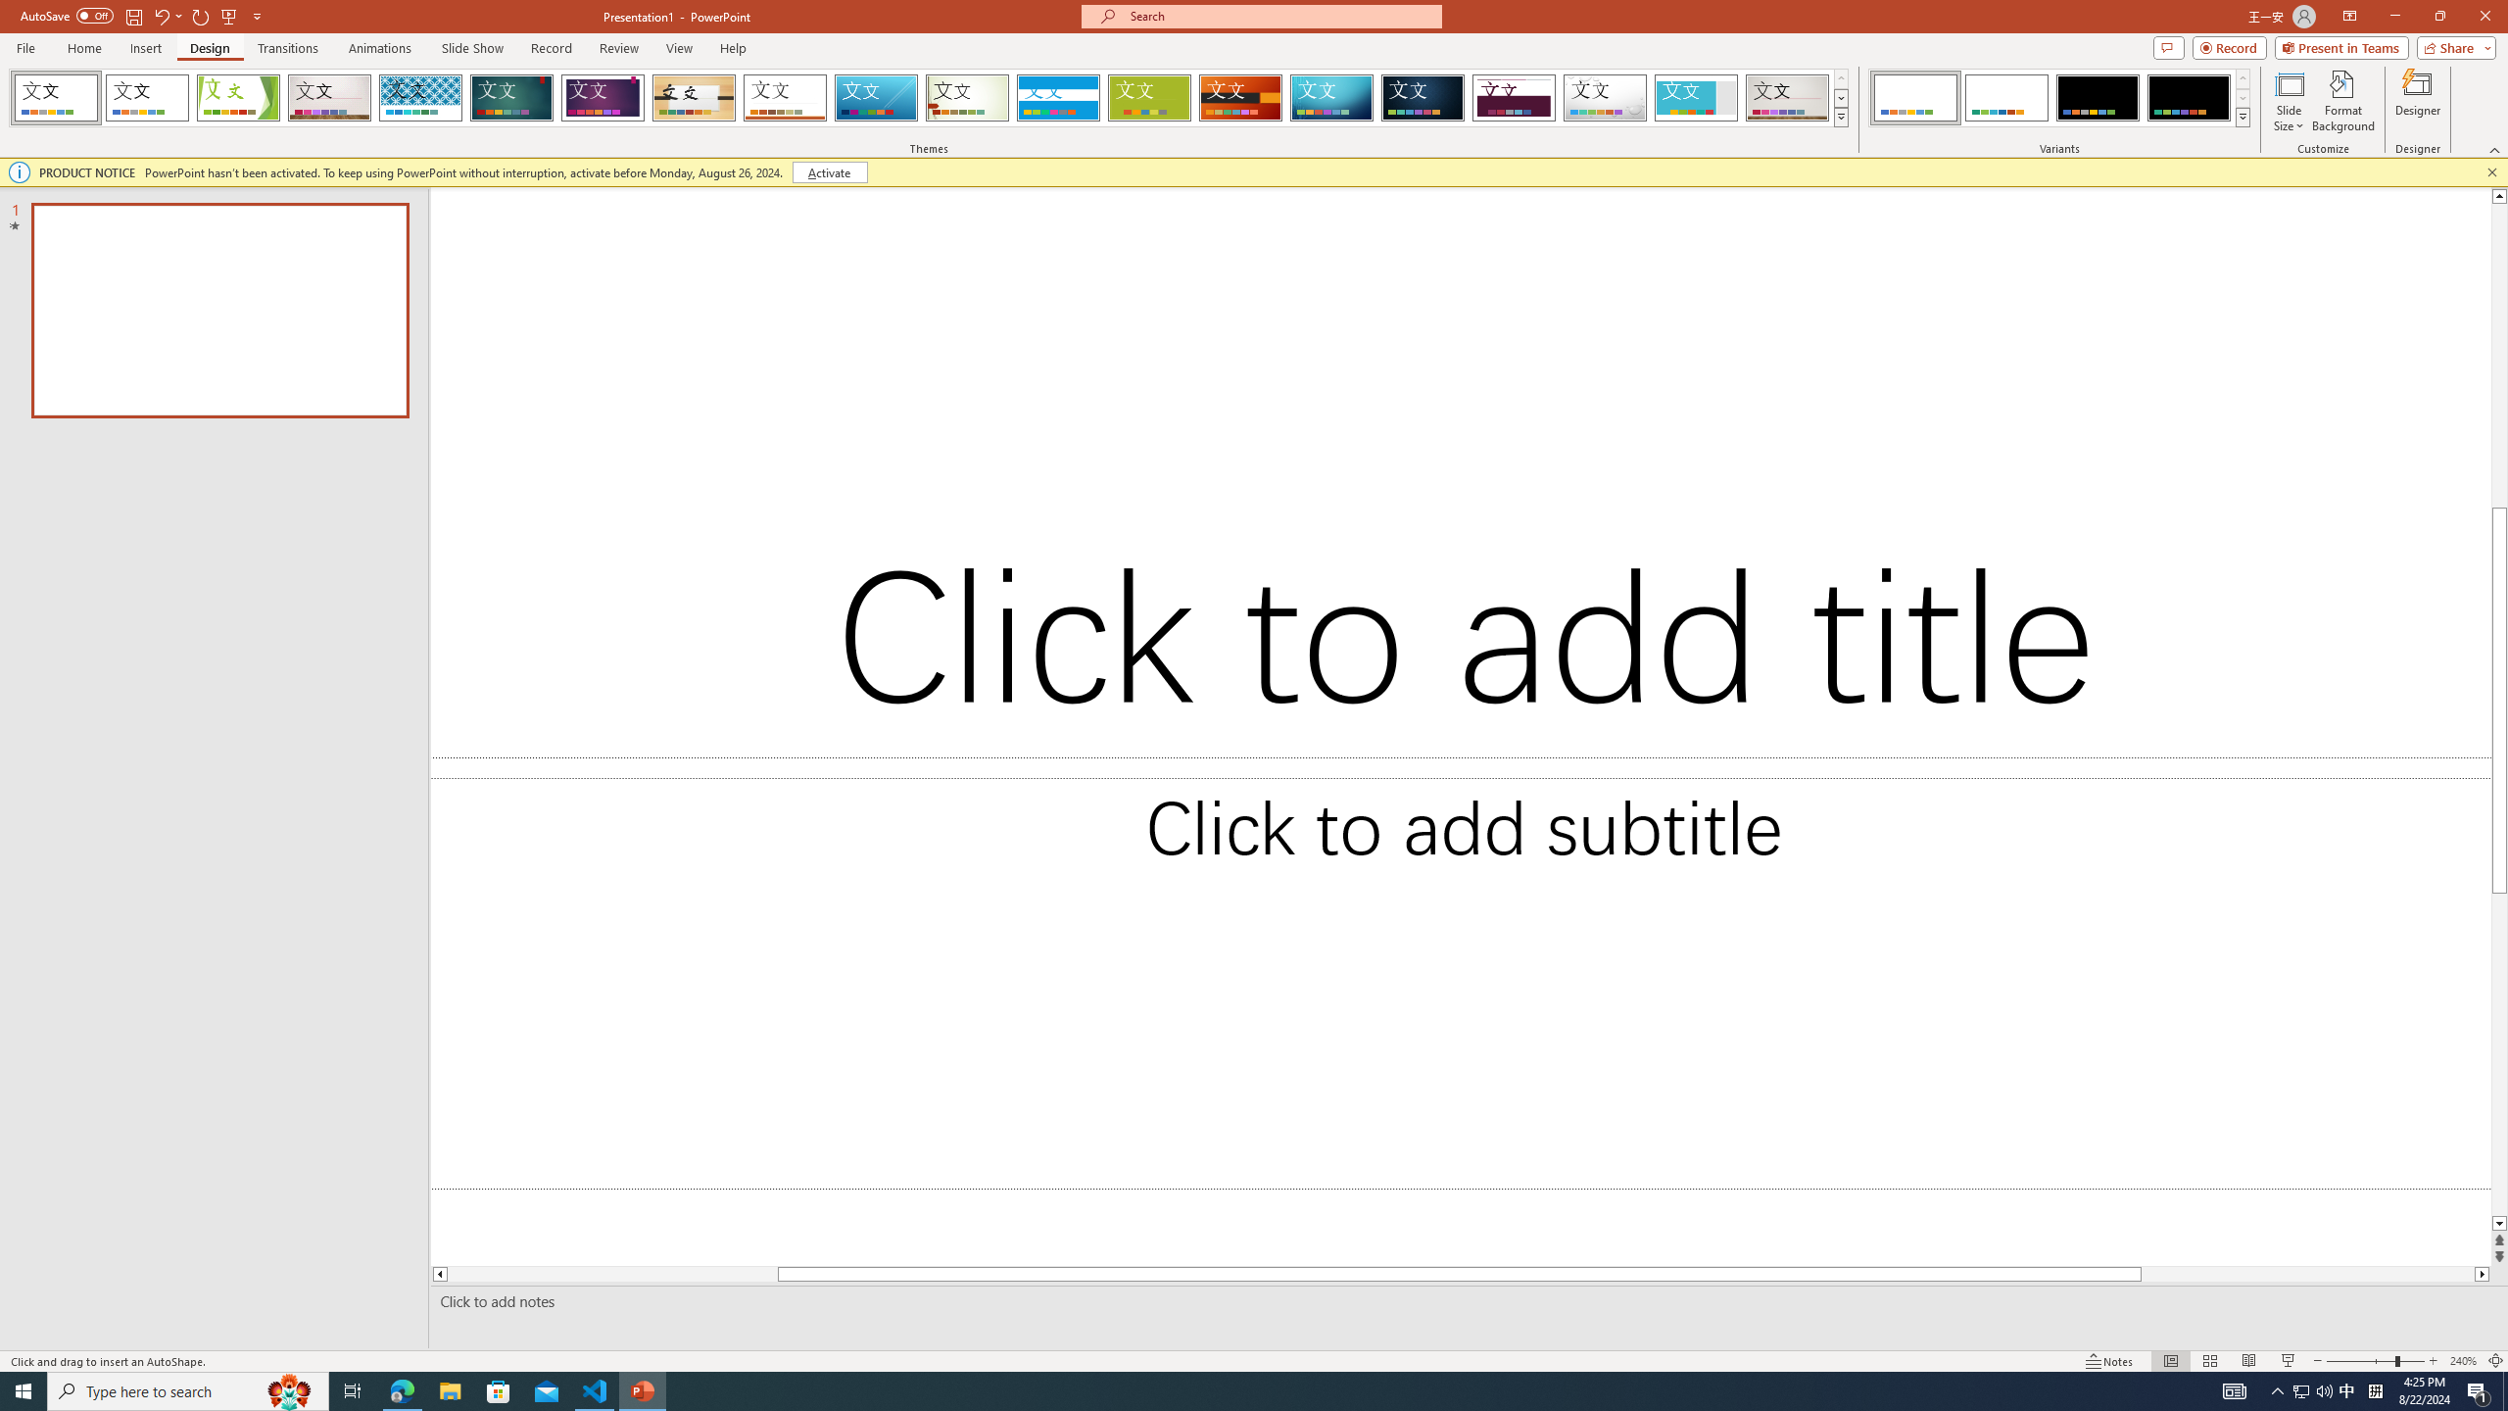 Image resolution: width=2508 pixels, height=1411 pixels. Describe the element at coordinates (1514, 97) in the screenshot. I see `'Dividend'` at that location.